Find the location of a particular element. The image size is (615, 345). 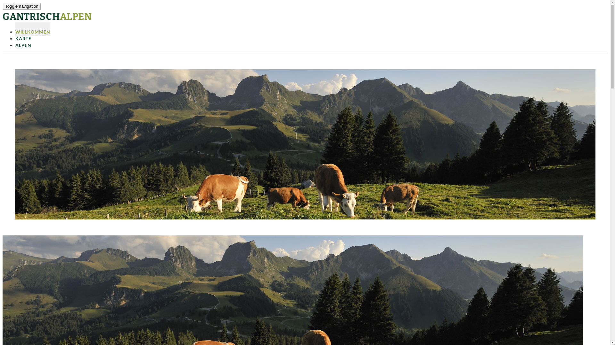

'GANTRISCHALPEN' is located at coordinates (47, 16).